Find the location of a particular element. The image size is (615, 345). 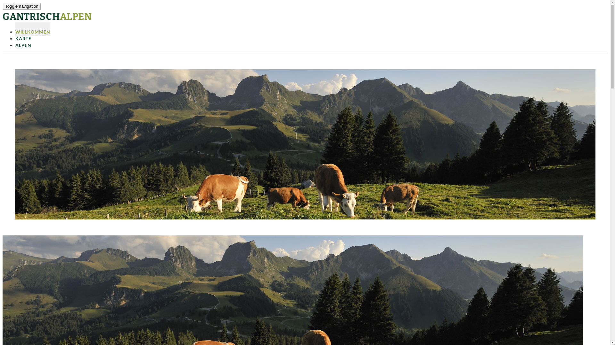

'GANTRISCHALPEN' is located at coordinates (47, 16).